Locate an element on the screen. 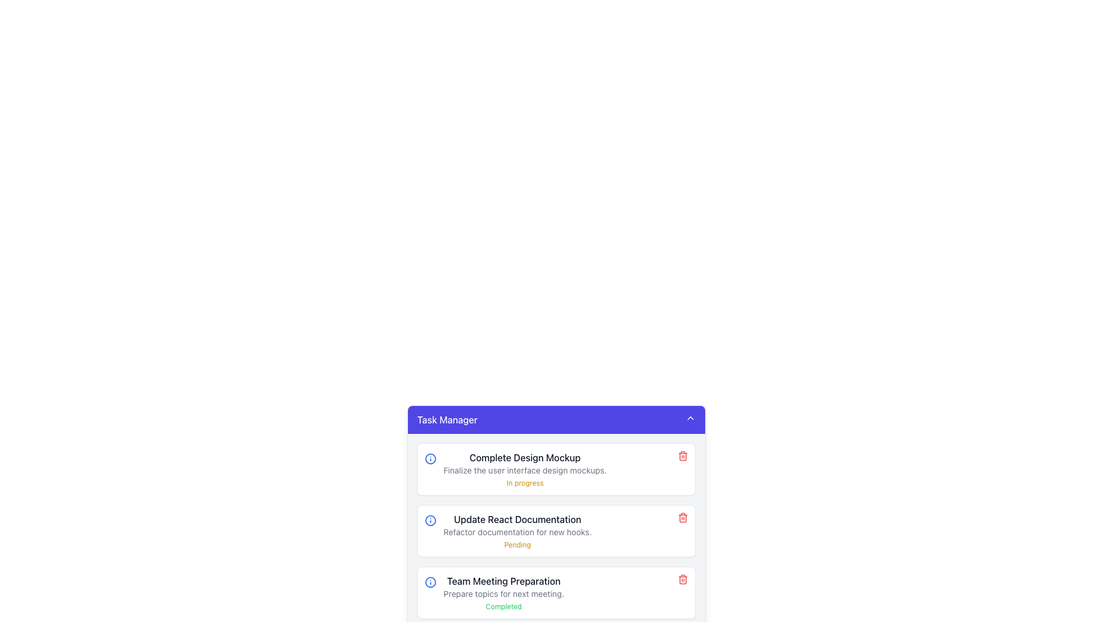 Image resolution: width=1119 pixels, height=629 pixels. the Text Label indicating the current status of the associated task as being pending, which is located within the second task card of the task list in the 'Task Manager' interface is located at coordinates (517, 545).